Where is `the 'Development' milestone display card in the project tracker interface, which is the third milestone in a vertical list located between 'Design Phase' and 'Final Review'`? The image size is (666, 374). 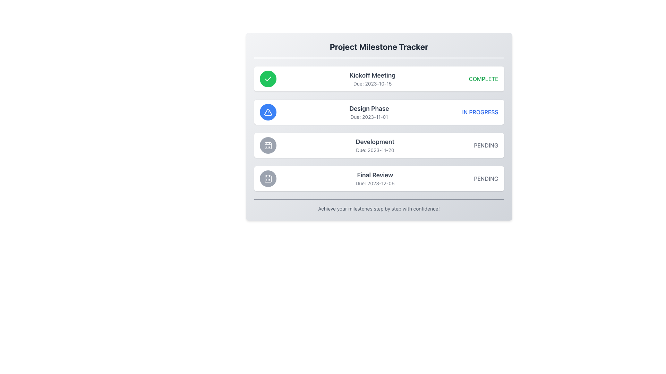
the 'Development' milestone display card in the project tracker interface, which is the third milestone in a vertical list located between 'Design Phase' and 'Final Review' is located at coordinates (378, 145).